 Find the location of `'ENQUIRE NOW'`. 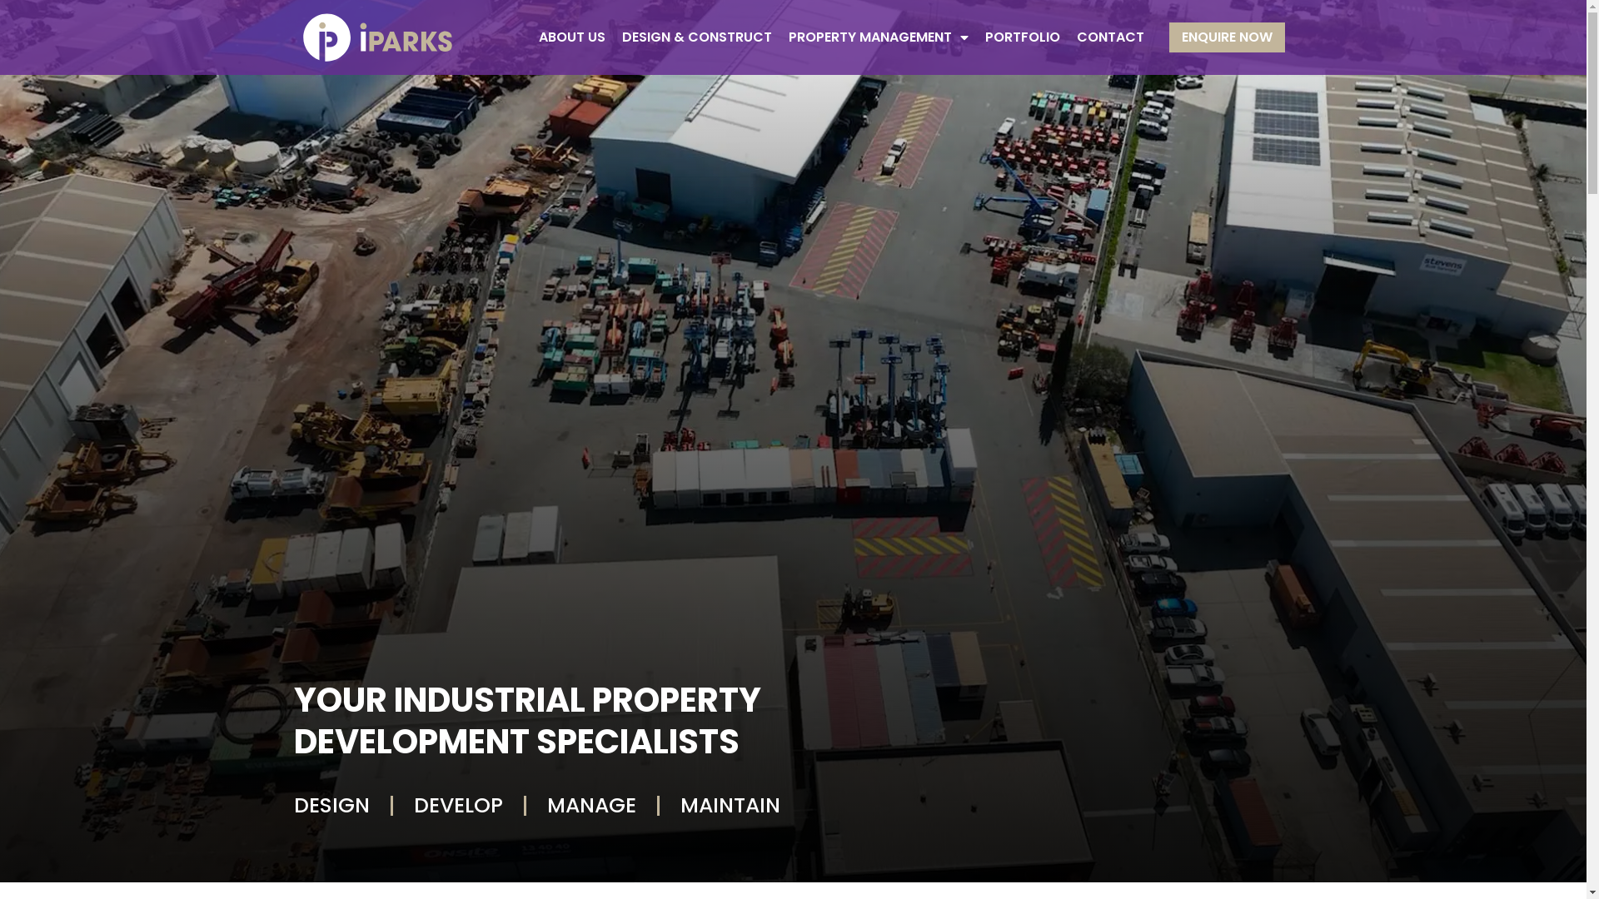

'ENQUIRE NOW' is located at coordinates (1227, 37).